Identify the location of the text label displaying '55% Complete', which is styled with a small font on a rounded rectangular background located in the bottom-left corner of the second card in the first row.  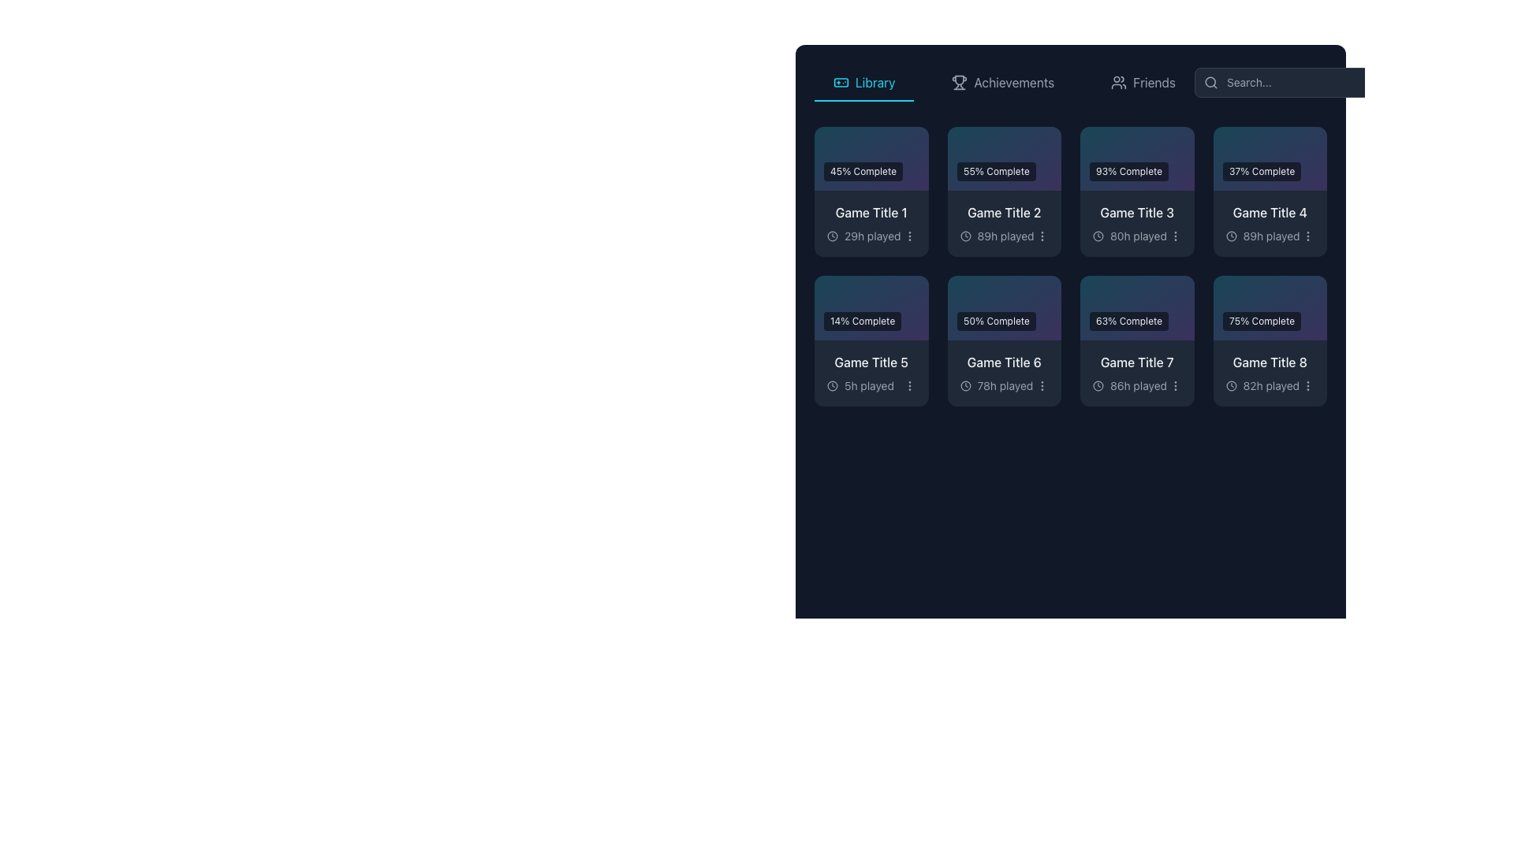
(995, 172).